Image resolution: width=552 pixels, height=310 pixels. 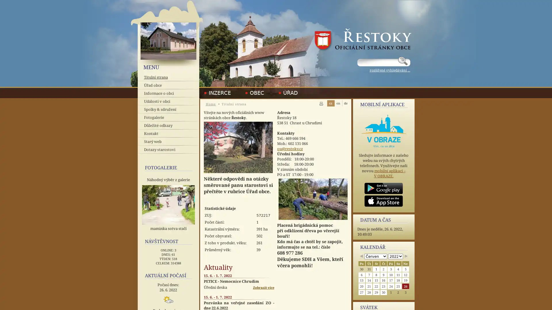 I want to click on dalsi, so click(x=405, y=256).